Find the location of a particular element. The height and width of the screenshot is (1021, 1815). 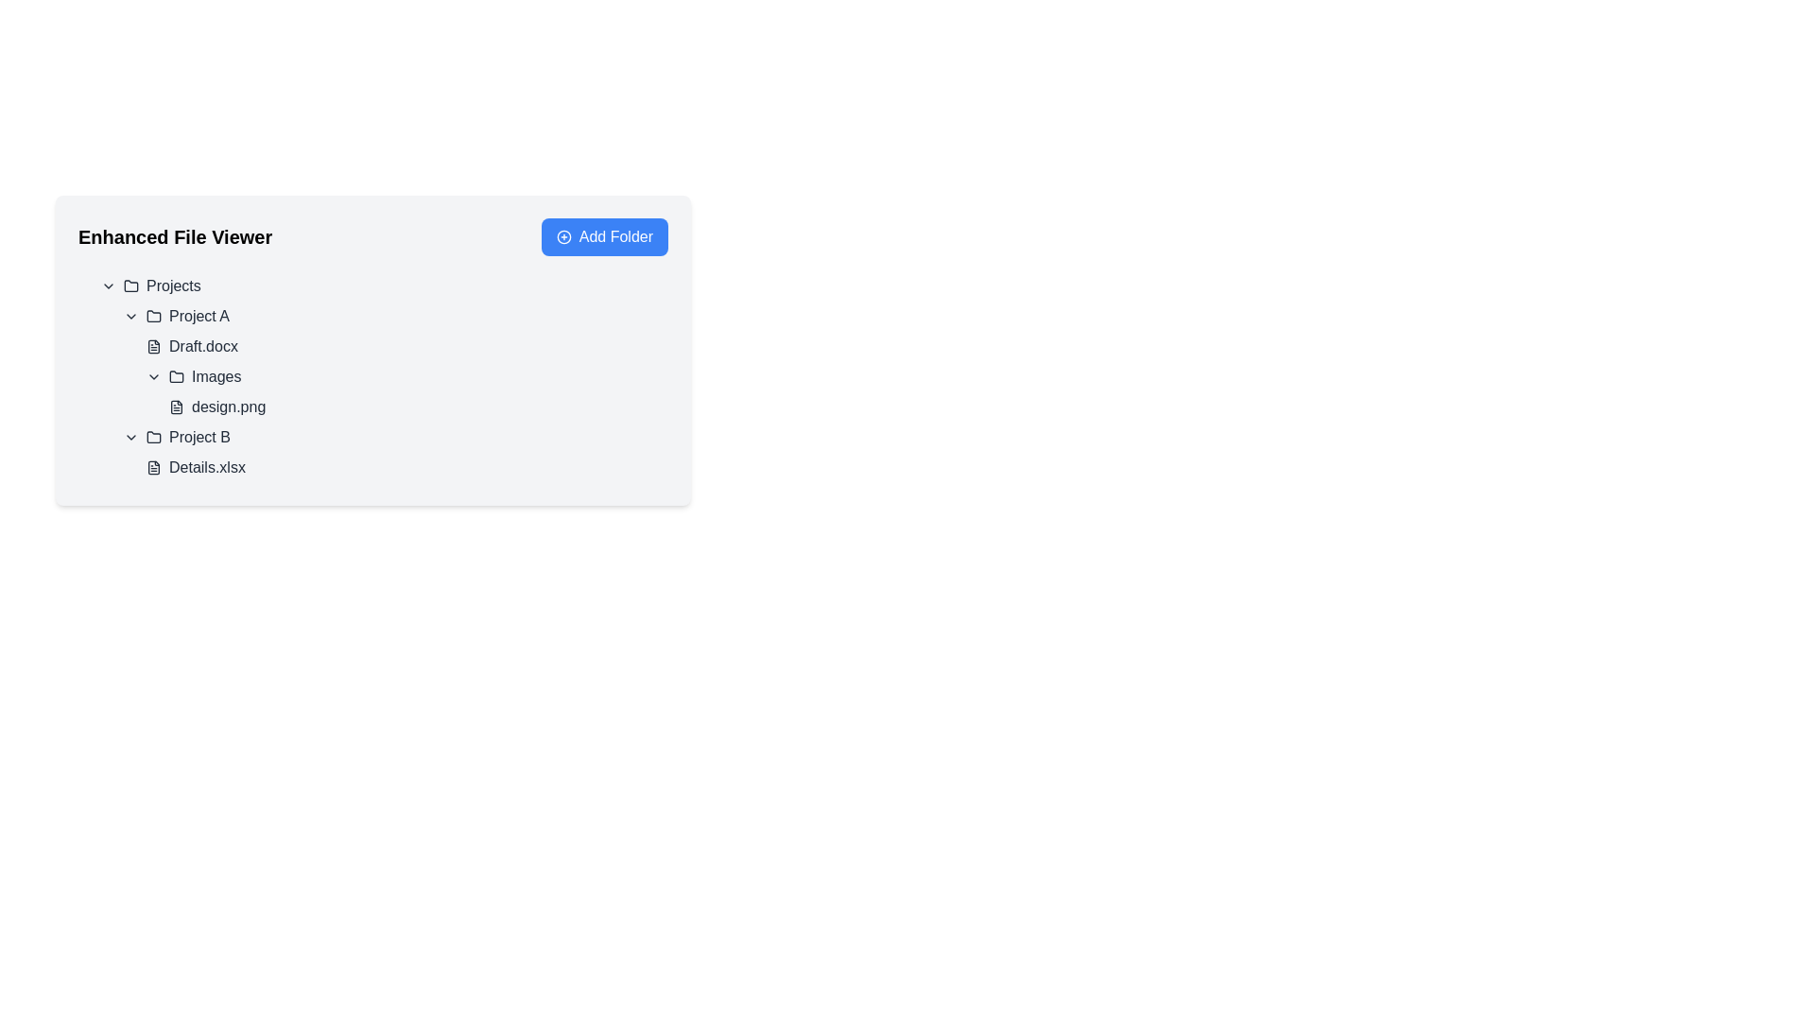

the file entry named 'Draft.docx' in the file viewer is located at coordinates (394, 346).